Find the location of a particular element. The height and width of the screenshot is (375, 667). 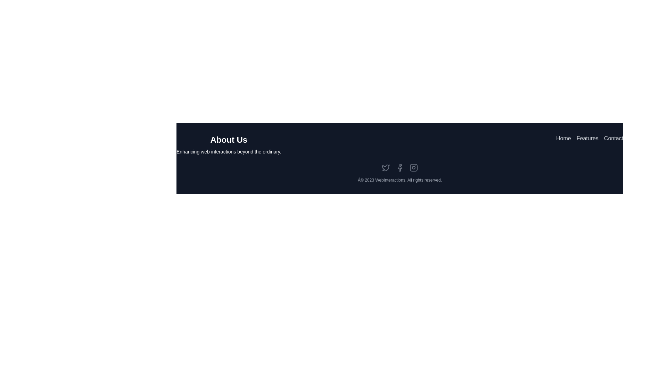

text block that serves as a descriptive subtitle or slogan below the 'About Us' title, which is centrally aligned within the section header is located at coordinates (229, 151).